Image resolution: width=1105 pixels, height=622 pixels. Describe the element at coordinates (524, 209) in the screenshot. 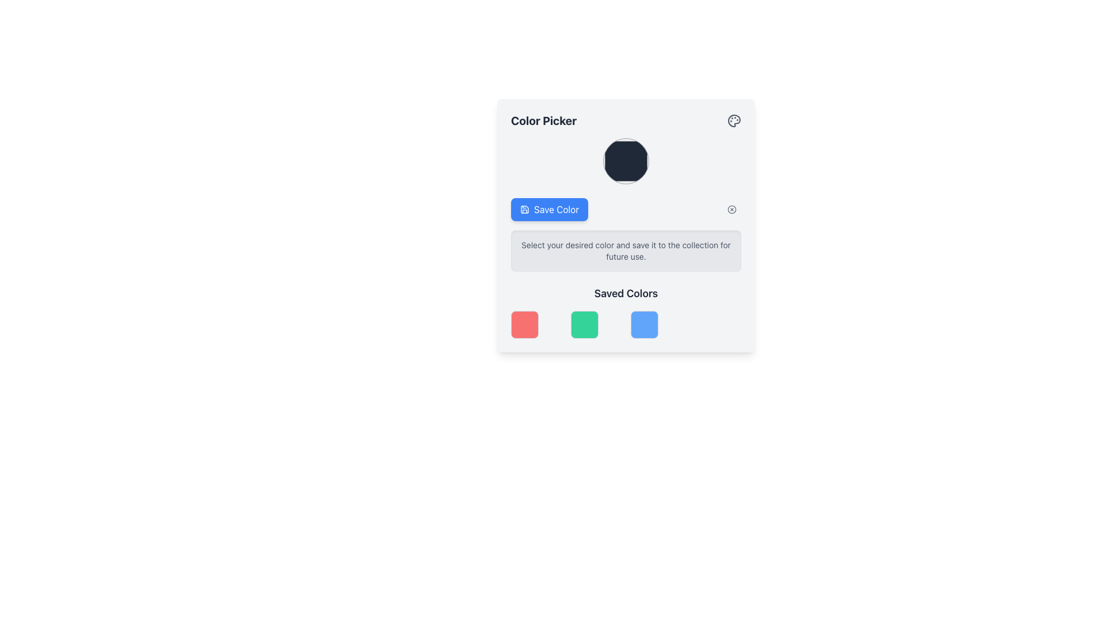

I see `the 'Save Color' button, which is visually indicated by the icon suggesting it saves a selected color for future reference` at that location.